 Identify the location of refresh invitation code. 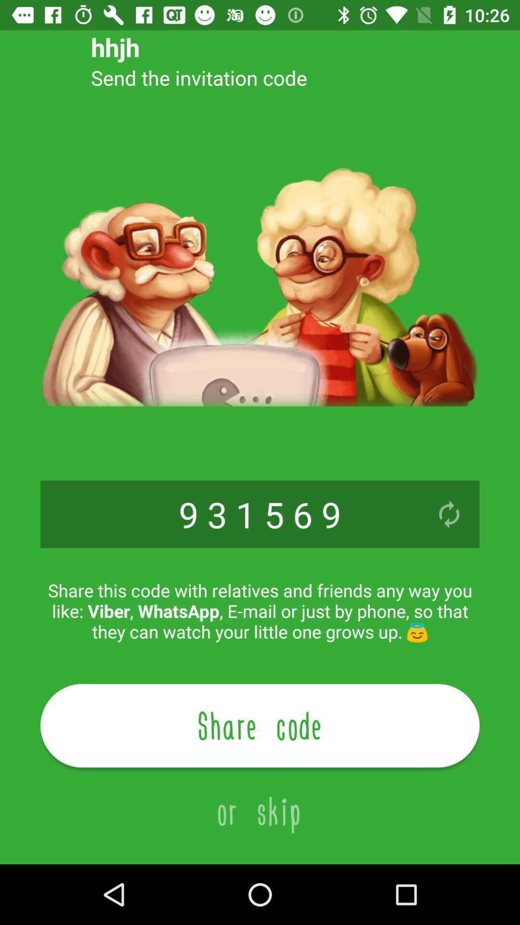
(449, 514).